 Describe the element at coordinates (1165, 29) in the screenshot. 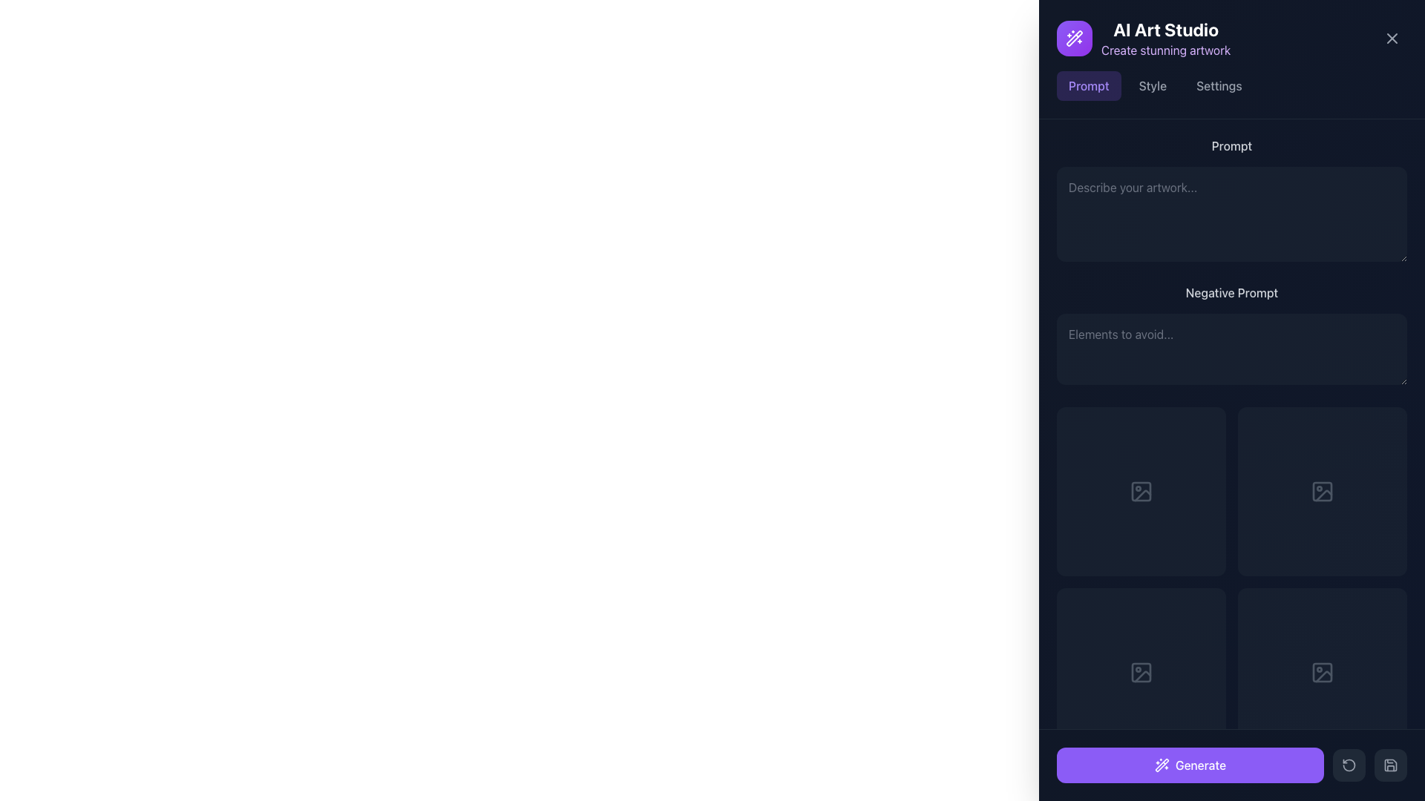

I see `the bold, large-sized text label reading 'AI Art Studio', styled in white font against a dark background, located at the top left of the interface` at that location.